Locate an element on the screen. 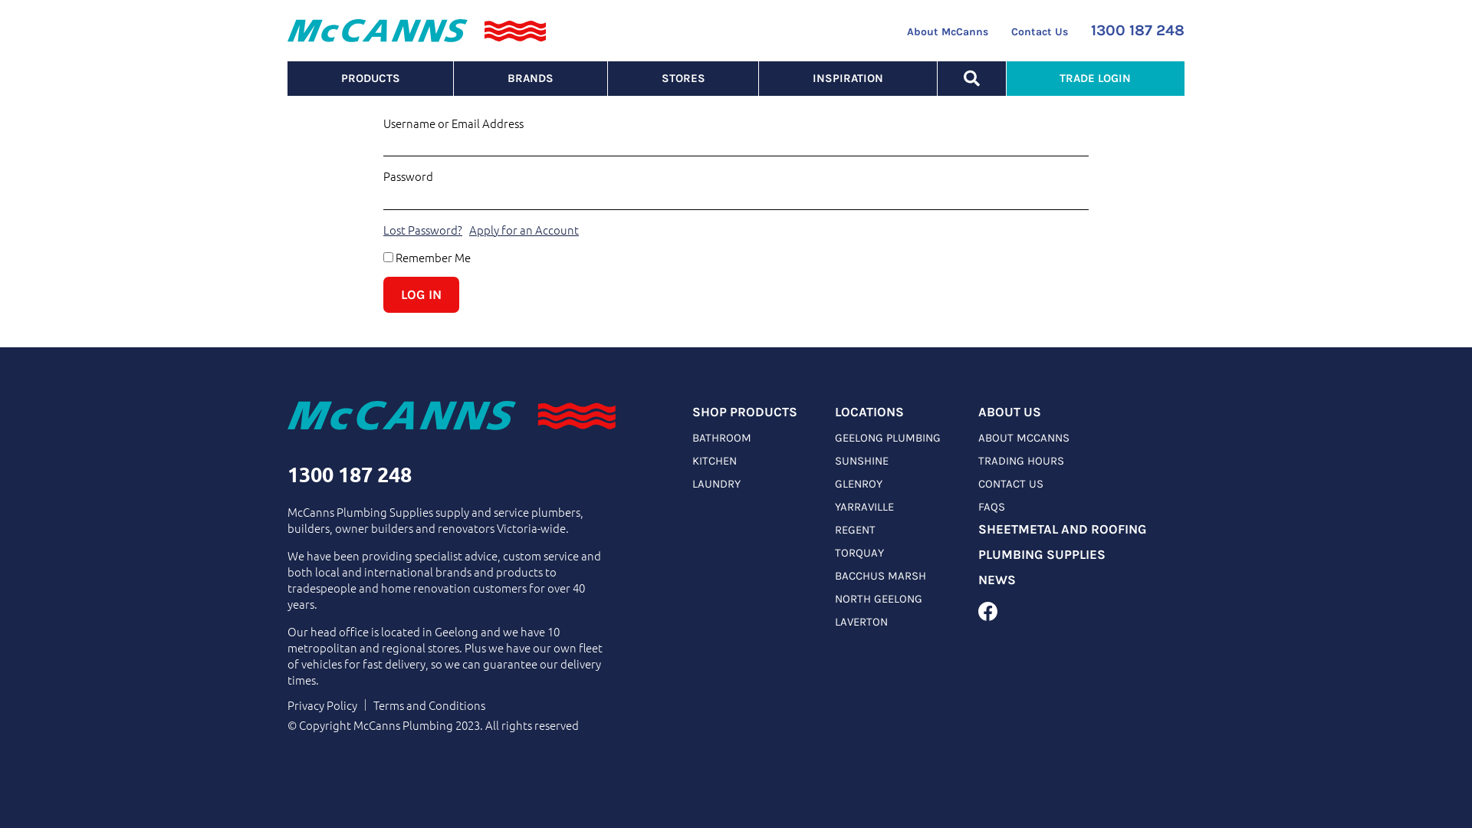 This screenshot has width=1472, height=828. 'TORQUAY' is located at coordinates (859, 553).